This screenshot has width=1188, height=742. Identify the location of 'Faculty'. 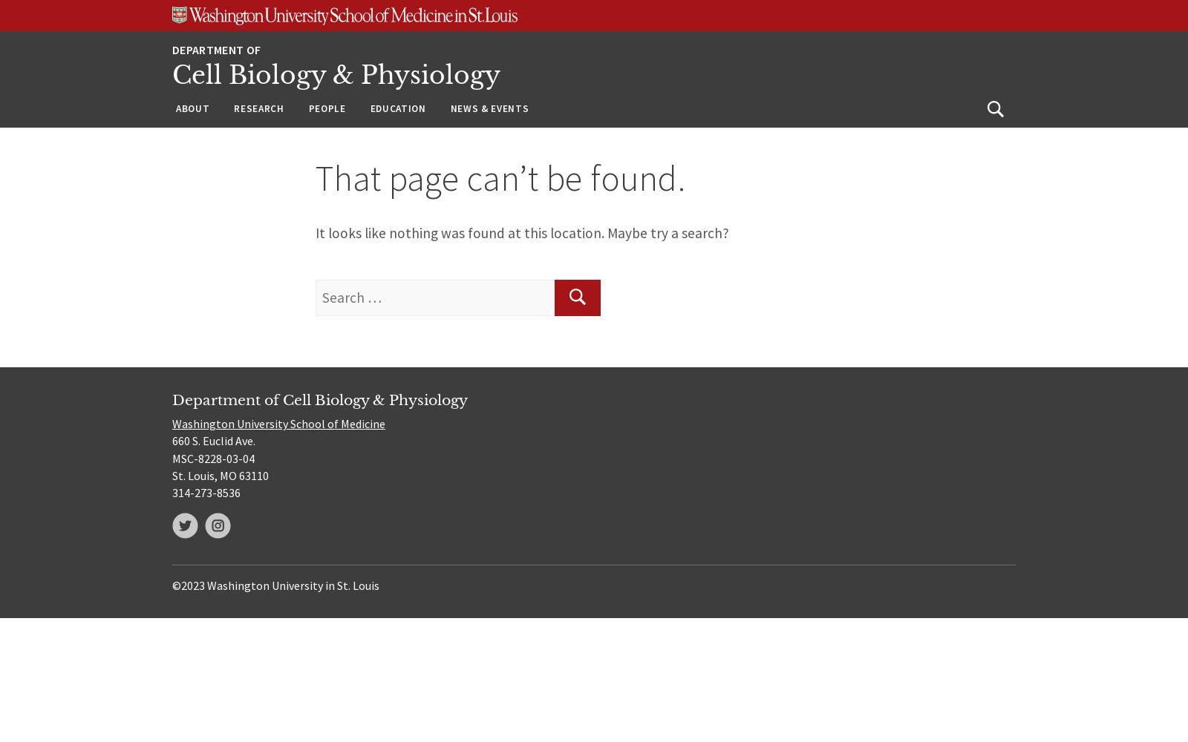
(329, 143).